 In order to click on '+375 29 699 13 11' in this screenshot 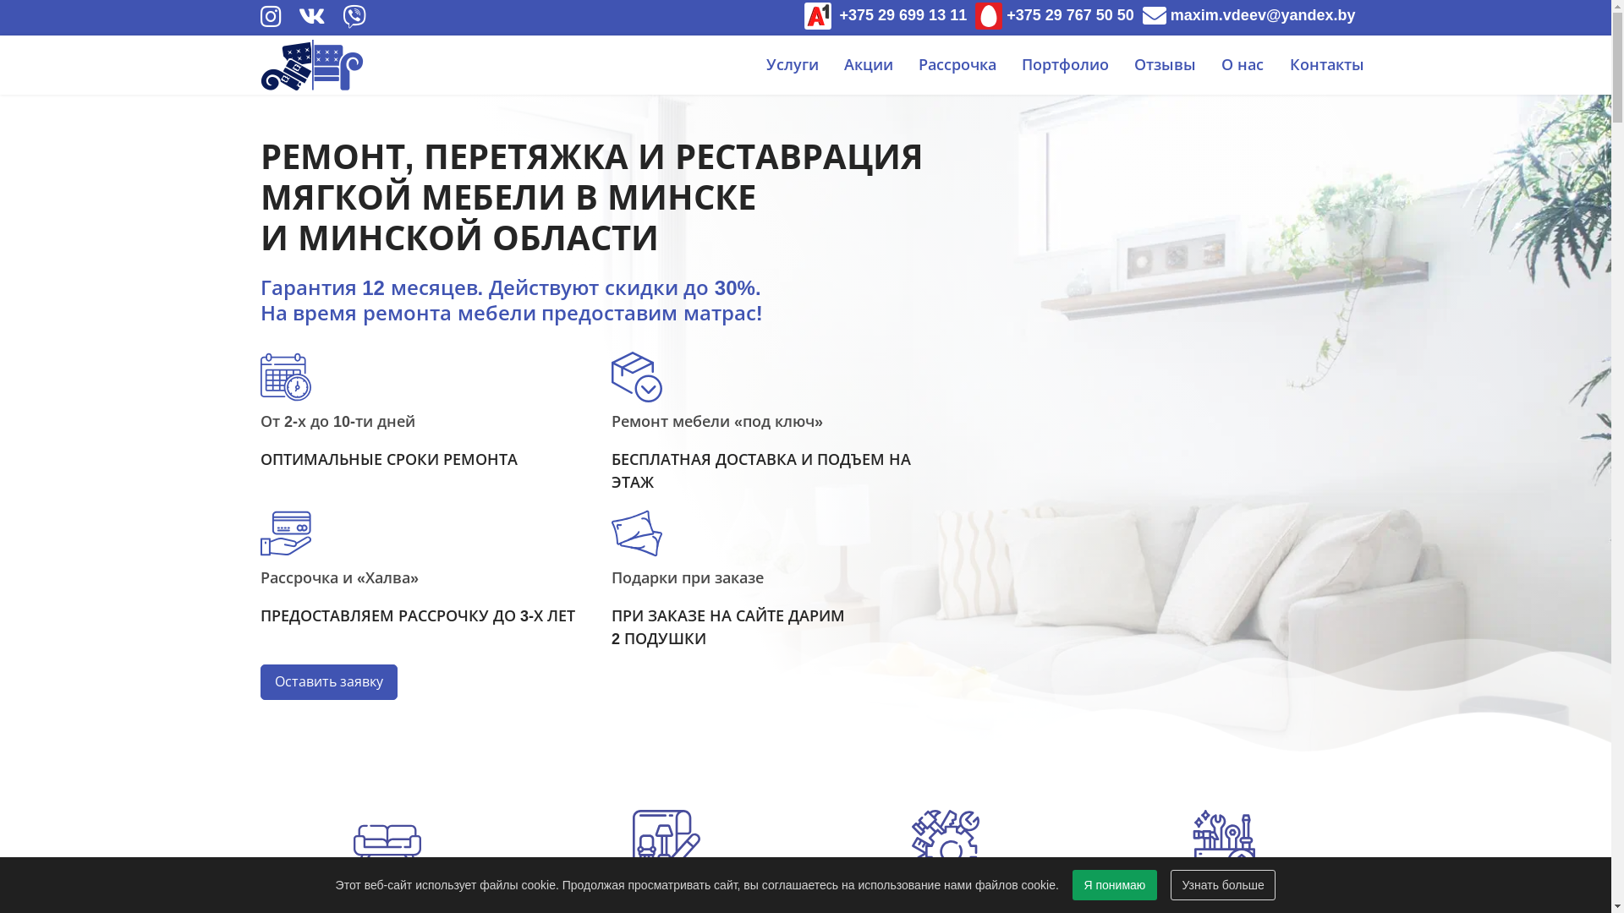, I will do `click(885, 15)`.